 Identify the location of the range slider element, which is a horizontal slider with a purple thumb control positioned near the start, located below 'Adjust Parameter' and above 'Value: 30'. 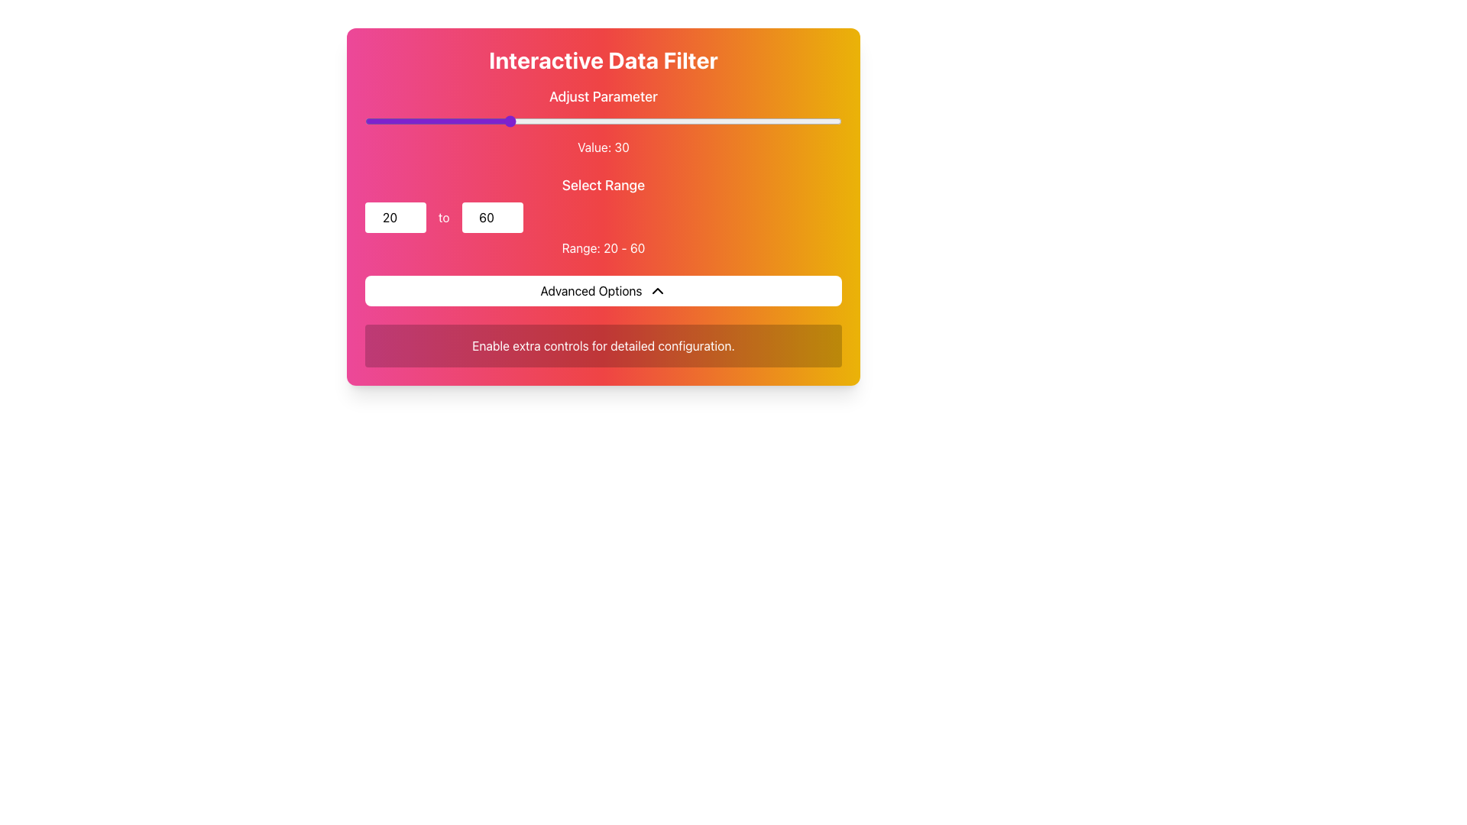
(603, 120).